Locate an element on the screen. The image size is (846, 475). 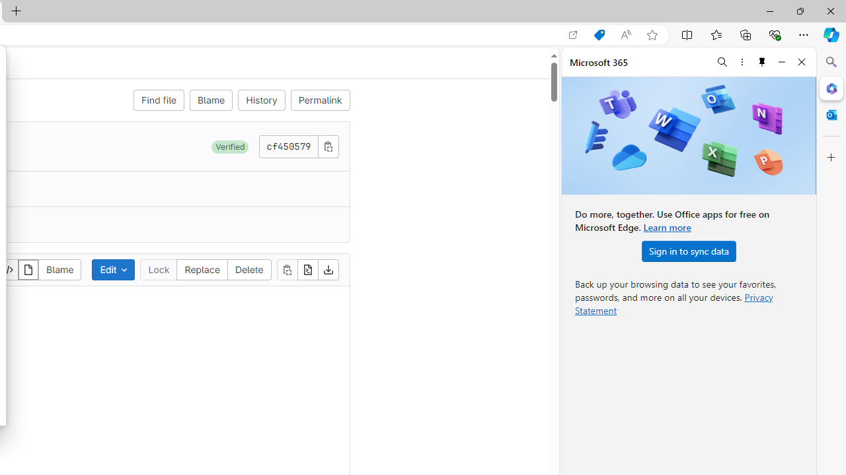
'Privacy Statement' is located at coordinates (674, 303).